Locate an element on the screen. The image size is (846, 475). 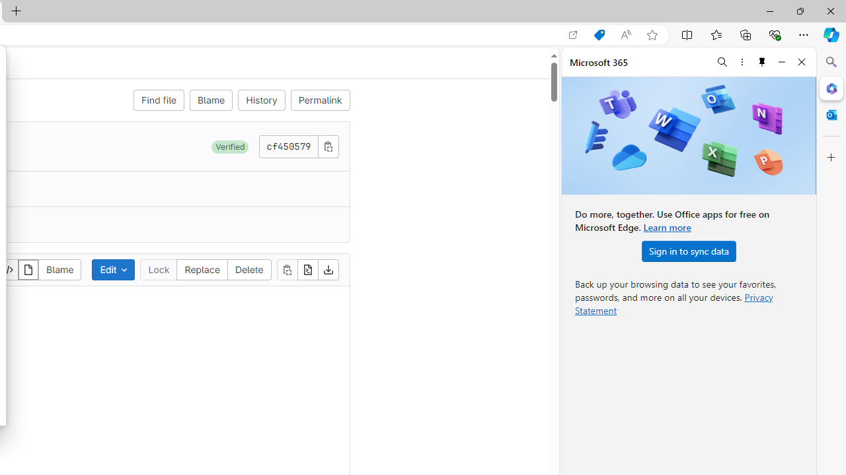
'Privacy Statement' is located at coordinates (674, 303).